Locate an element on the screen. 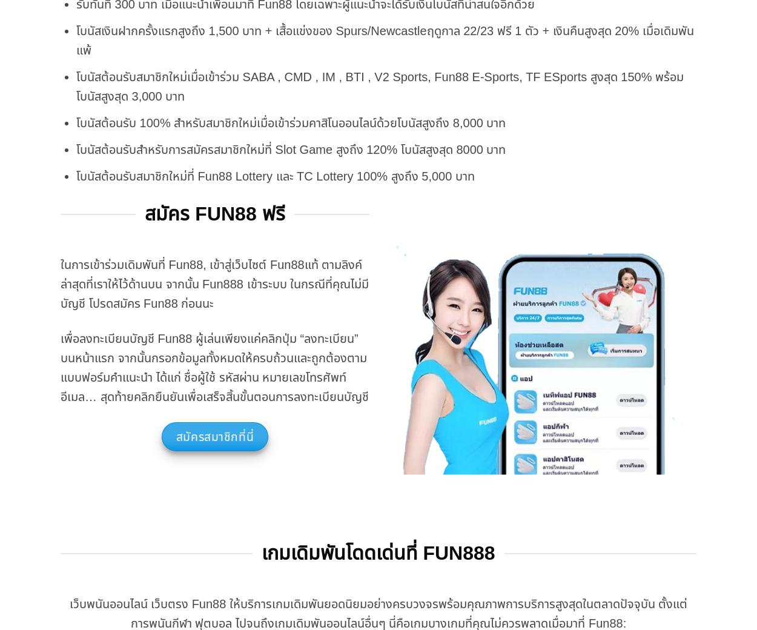 The height and width of the screenshot is (630, 757). 'เพื่อลงทะเบียนบัญชี Fun88 ผู้เล่นเพียงแค่คลิกปุ่ม “ลงทะเบียน” บนหน้าแรก จากนั้นกรอกข้อมูลทั้งหมดให้ครบถ้วนและถูกต้องตามแบบฟอร์มคำแนะนำ ได้แก่ ชื่อผู้ใช้ รหัสผ่าน หมายเลขโทรศัพท์ อีเมล… สุดท้ายคลิกยืนยันเพื่อเสร็จสิ้นขั้นตอนการลงทะเบียนบัญชี' is located at coordinates (214, 366).